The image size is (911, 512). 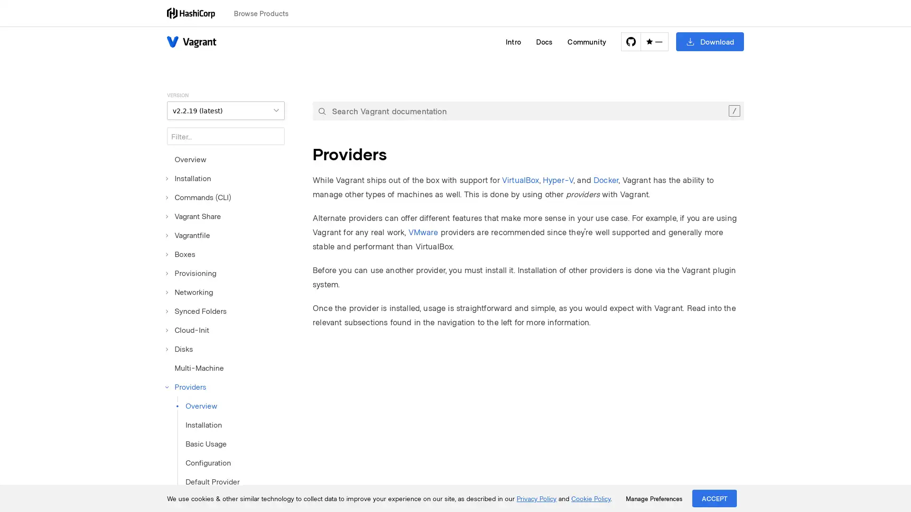 What do you see at coordinates (715, 498) in the screenshot?
I see `ACCEPT` at bounding box center [715, 498].